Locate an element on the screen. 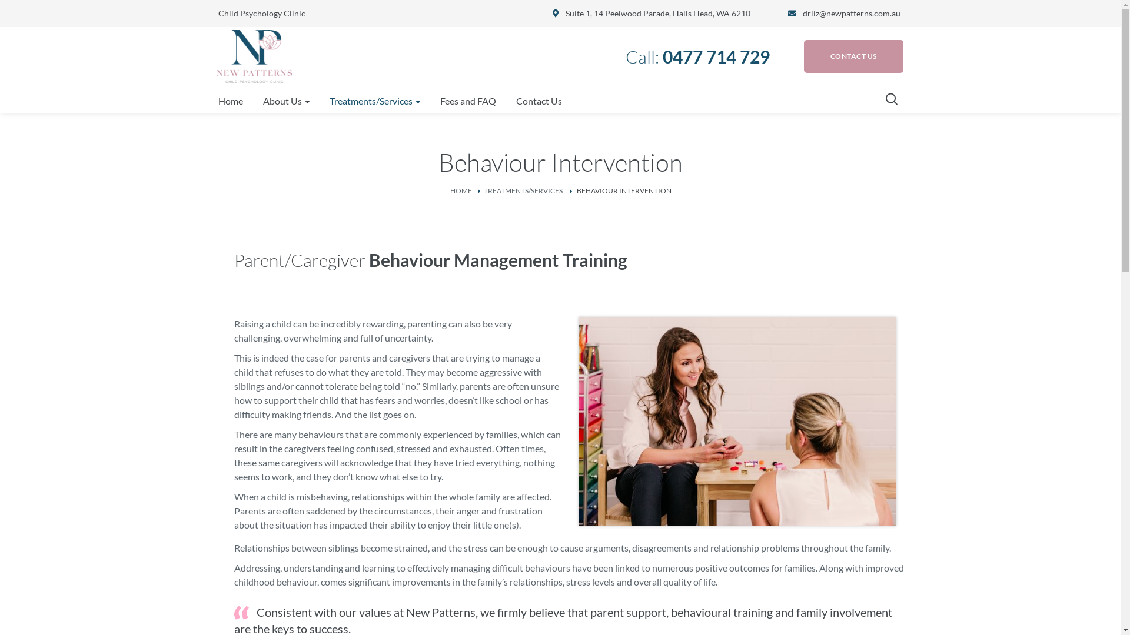 The image size is (1130, 635). 'Home' is located at coordinates (230, 101).